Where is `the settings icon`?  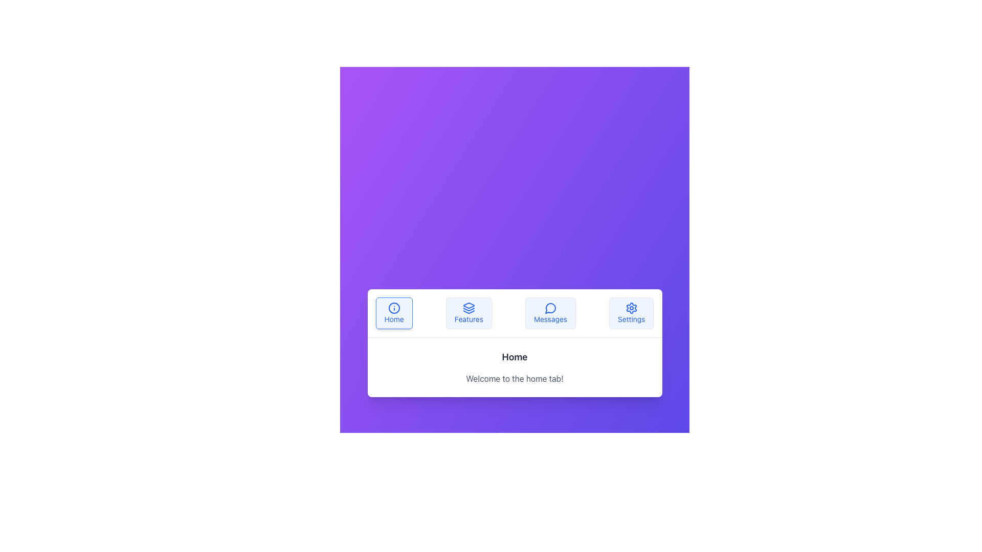
the settings icon is located at coordinates (631, 307).